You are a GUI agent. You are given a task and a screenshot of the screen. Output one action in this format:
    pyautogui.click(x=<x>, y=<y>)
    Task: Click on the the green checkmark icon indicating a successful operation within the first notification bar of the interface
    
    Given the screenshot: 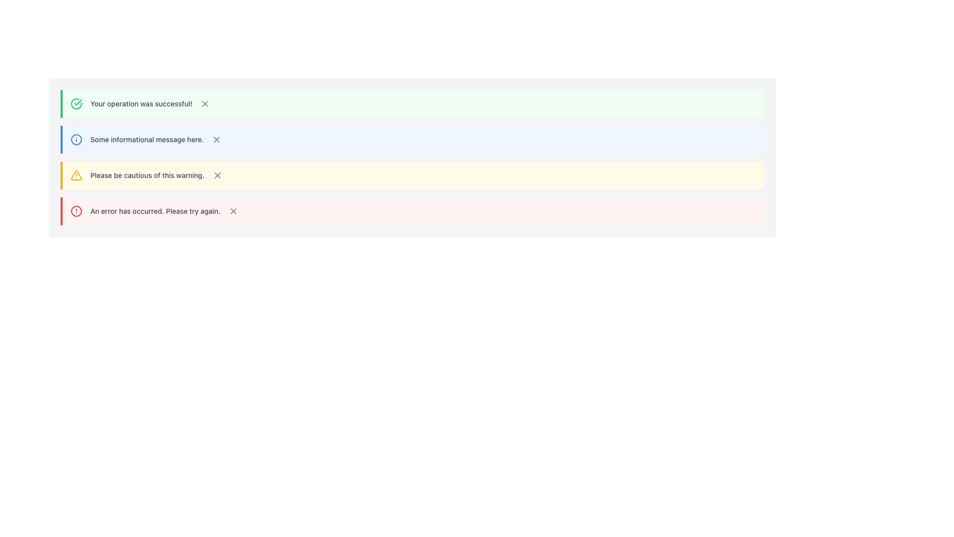 What is the action you would take?
    pyautogui.click(x=78, y=102)
    